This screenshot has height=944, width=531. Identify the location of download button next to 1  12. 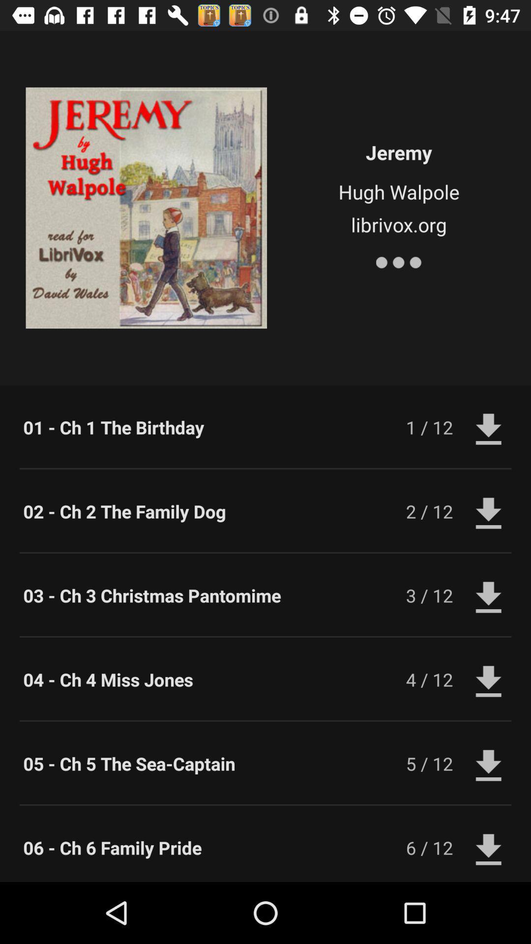
(489, 427).